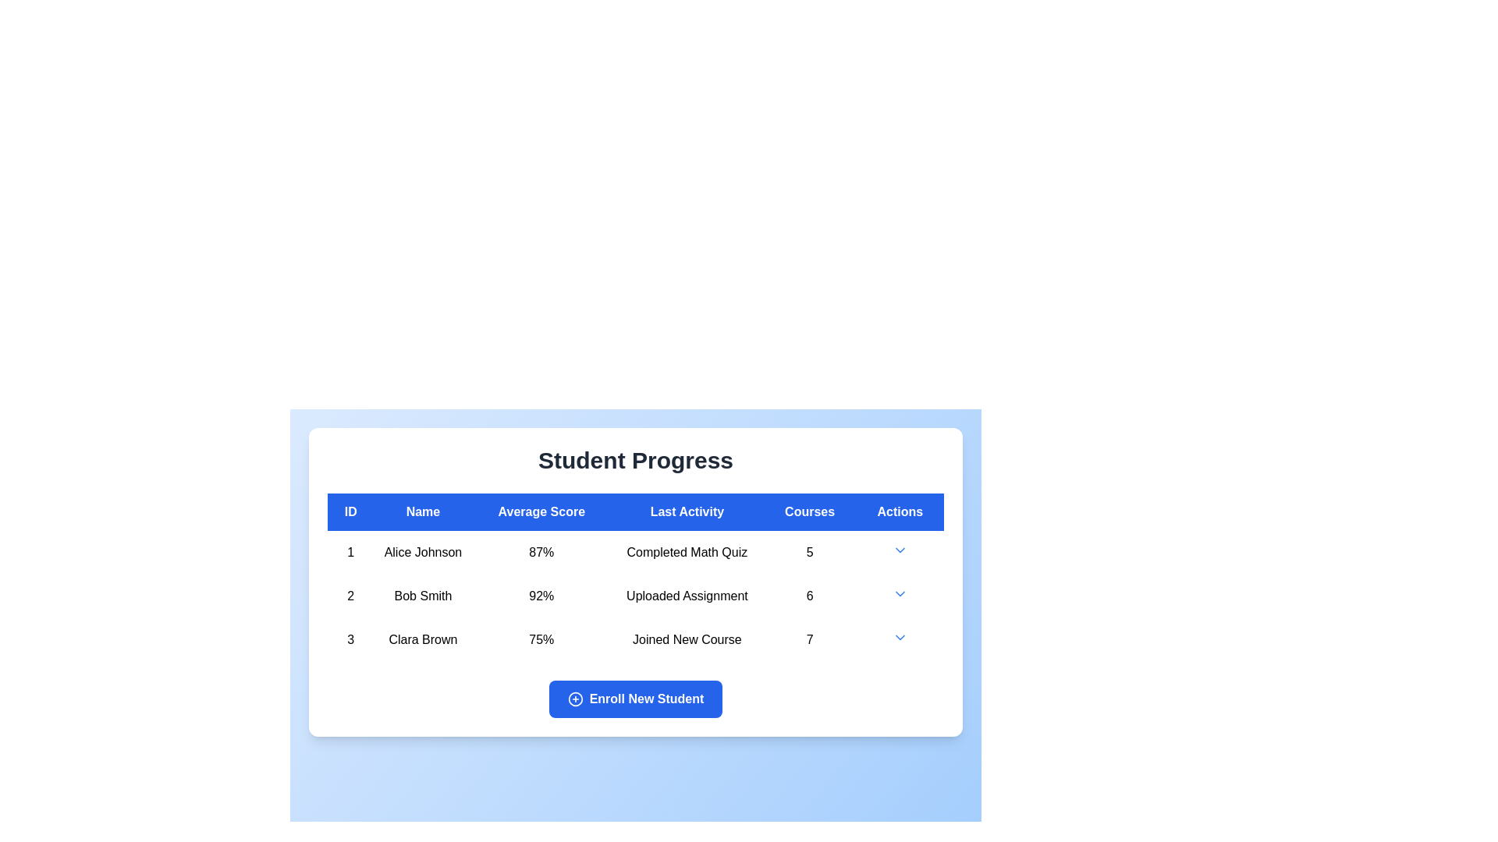 This screenshot has width=1498, height=842. What do you see at coordinates (636, 596) in the screenshot?
I see `the second row of the 'Student Progress' table that displays information about the student Bob Smith` at bounding box center [636, 596].